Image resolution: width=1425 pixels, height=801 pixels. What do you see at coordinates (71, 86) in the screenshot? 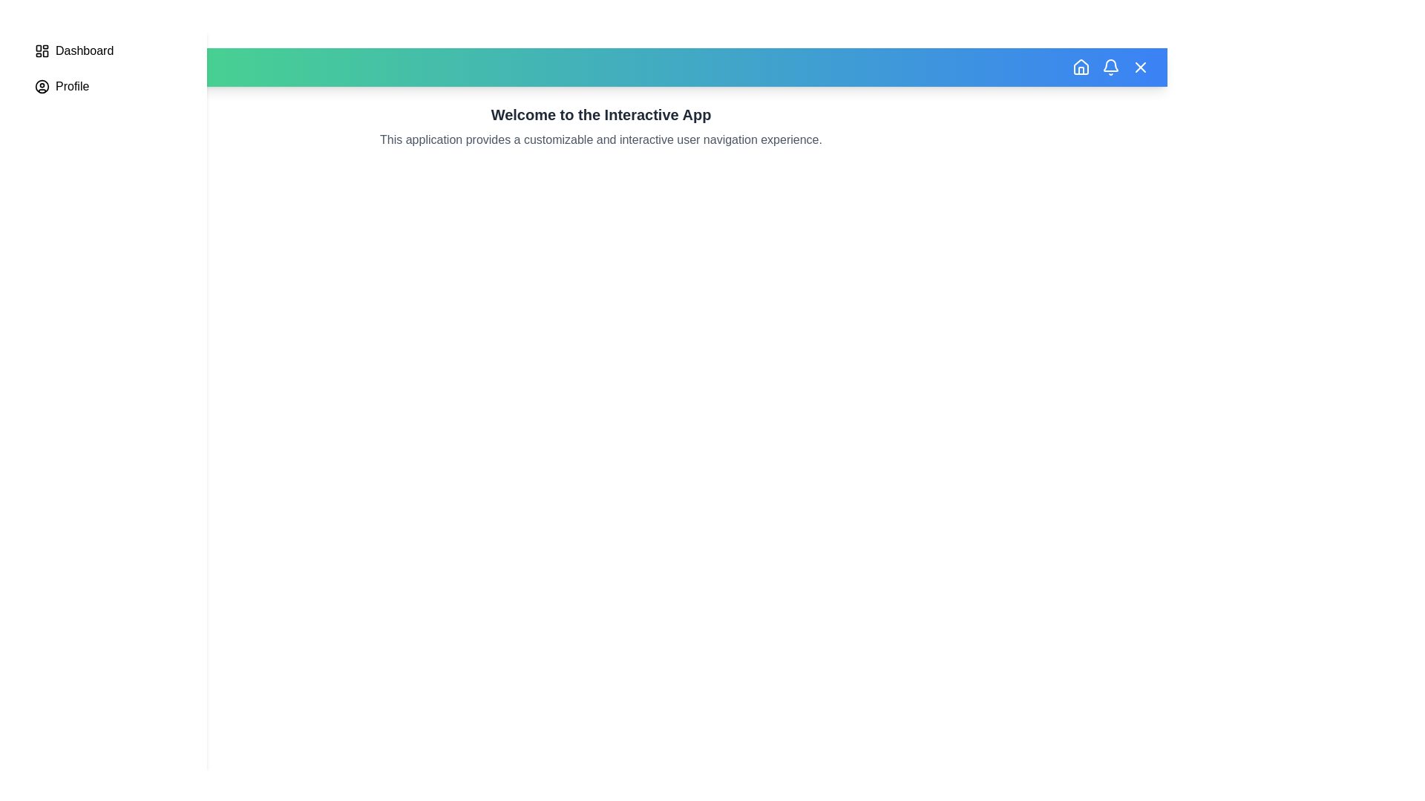
I see `the navigation text label located in the left sidebar, directly below the 'Dashboard' option` at bounding box center [71, 86].